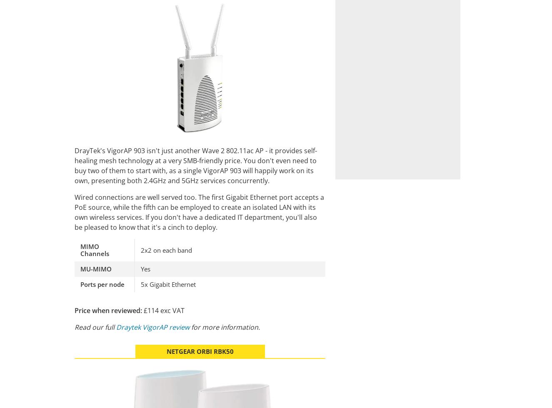 The image size is (552, 408). What do you see at coordinates (163, 310) in the screenshot?
I see `'£114 exc VAT'` at bounding box center [163, 310].